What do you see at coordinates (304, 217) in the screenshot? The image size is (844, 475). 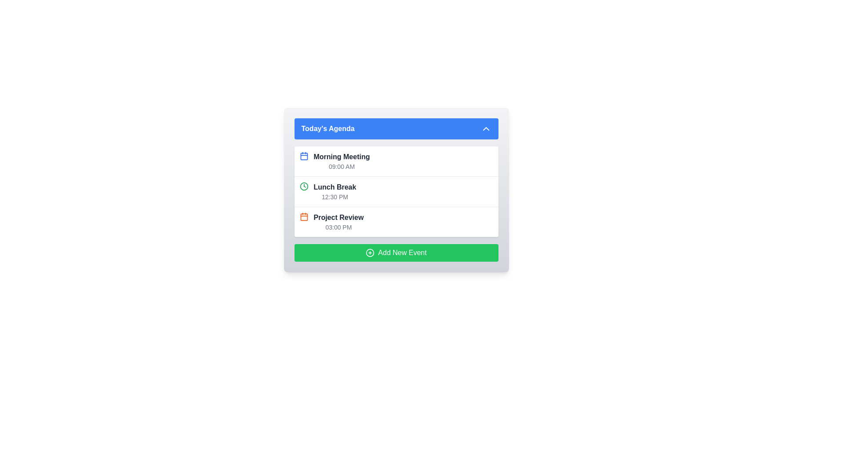 I see `the 'Project Review' icon in the agenda, which is located in the third row next to the text 'Project Review' and above the green 'Add New Event' button` at bounding box center [304, 217].